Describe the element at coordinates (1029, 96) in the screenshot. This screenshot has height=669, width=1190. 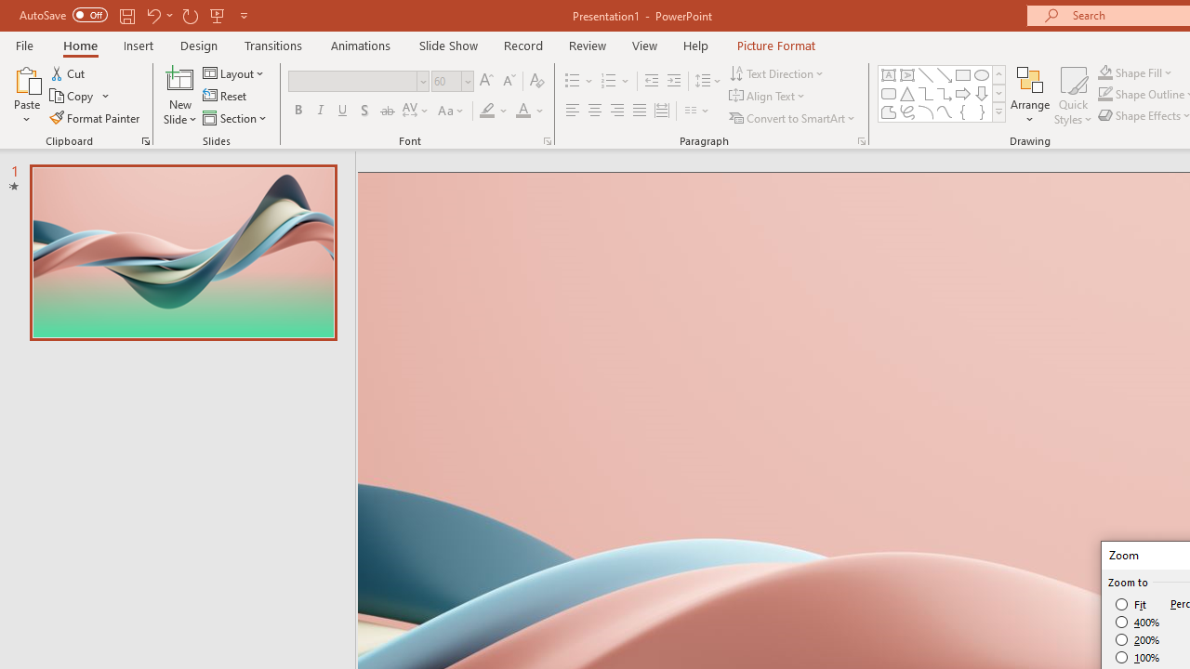
I see `'Arrange'` at that location.